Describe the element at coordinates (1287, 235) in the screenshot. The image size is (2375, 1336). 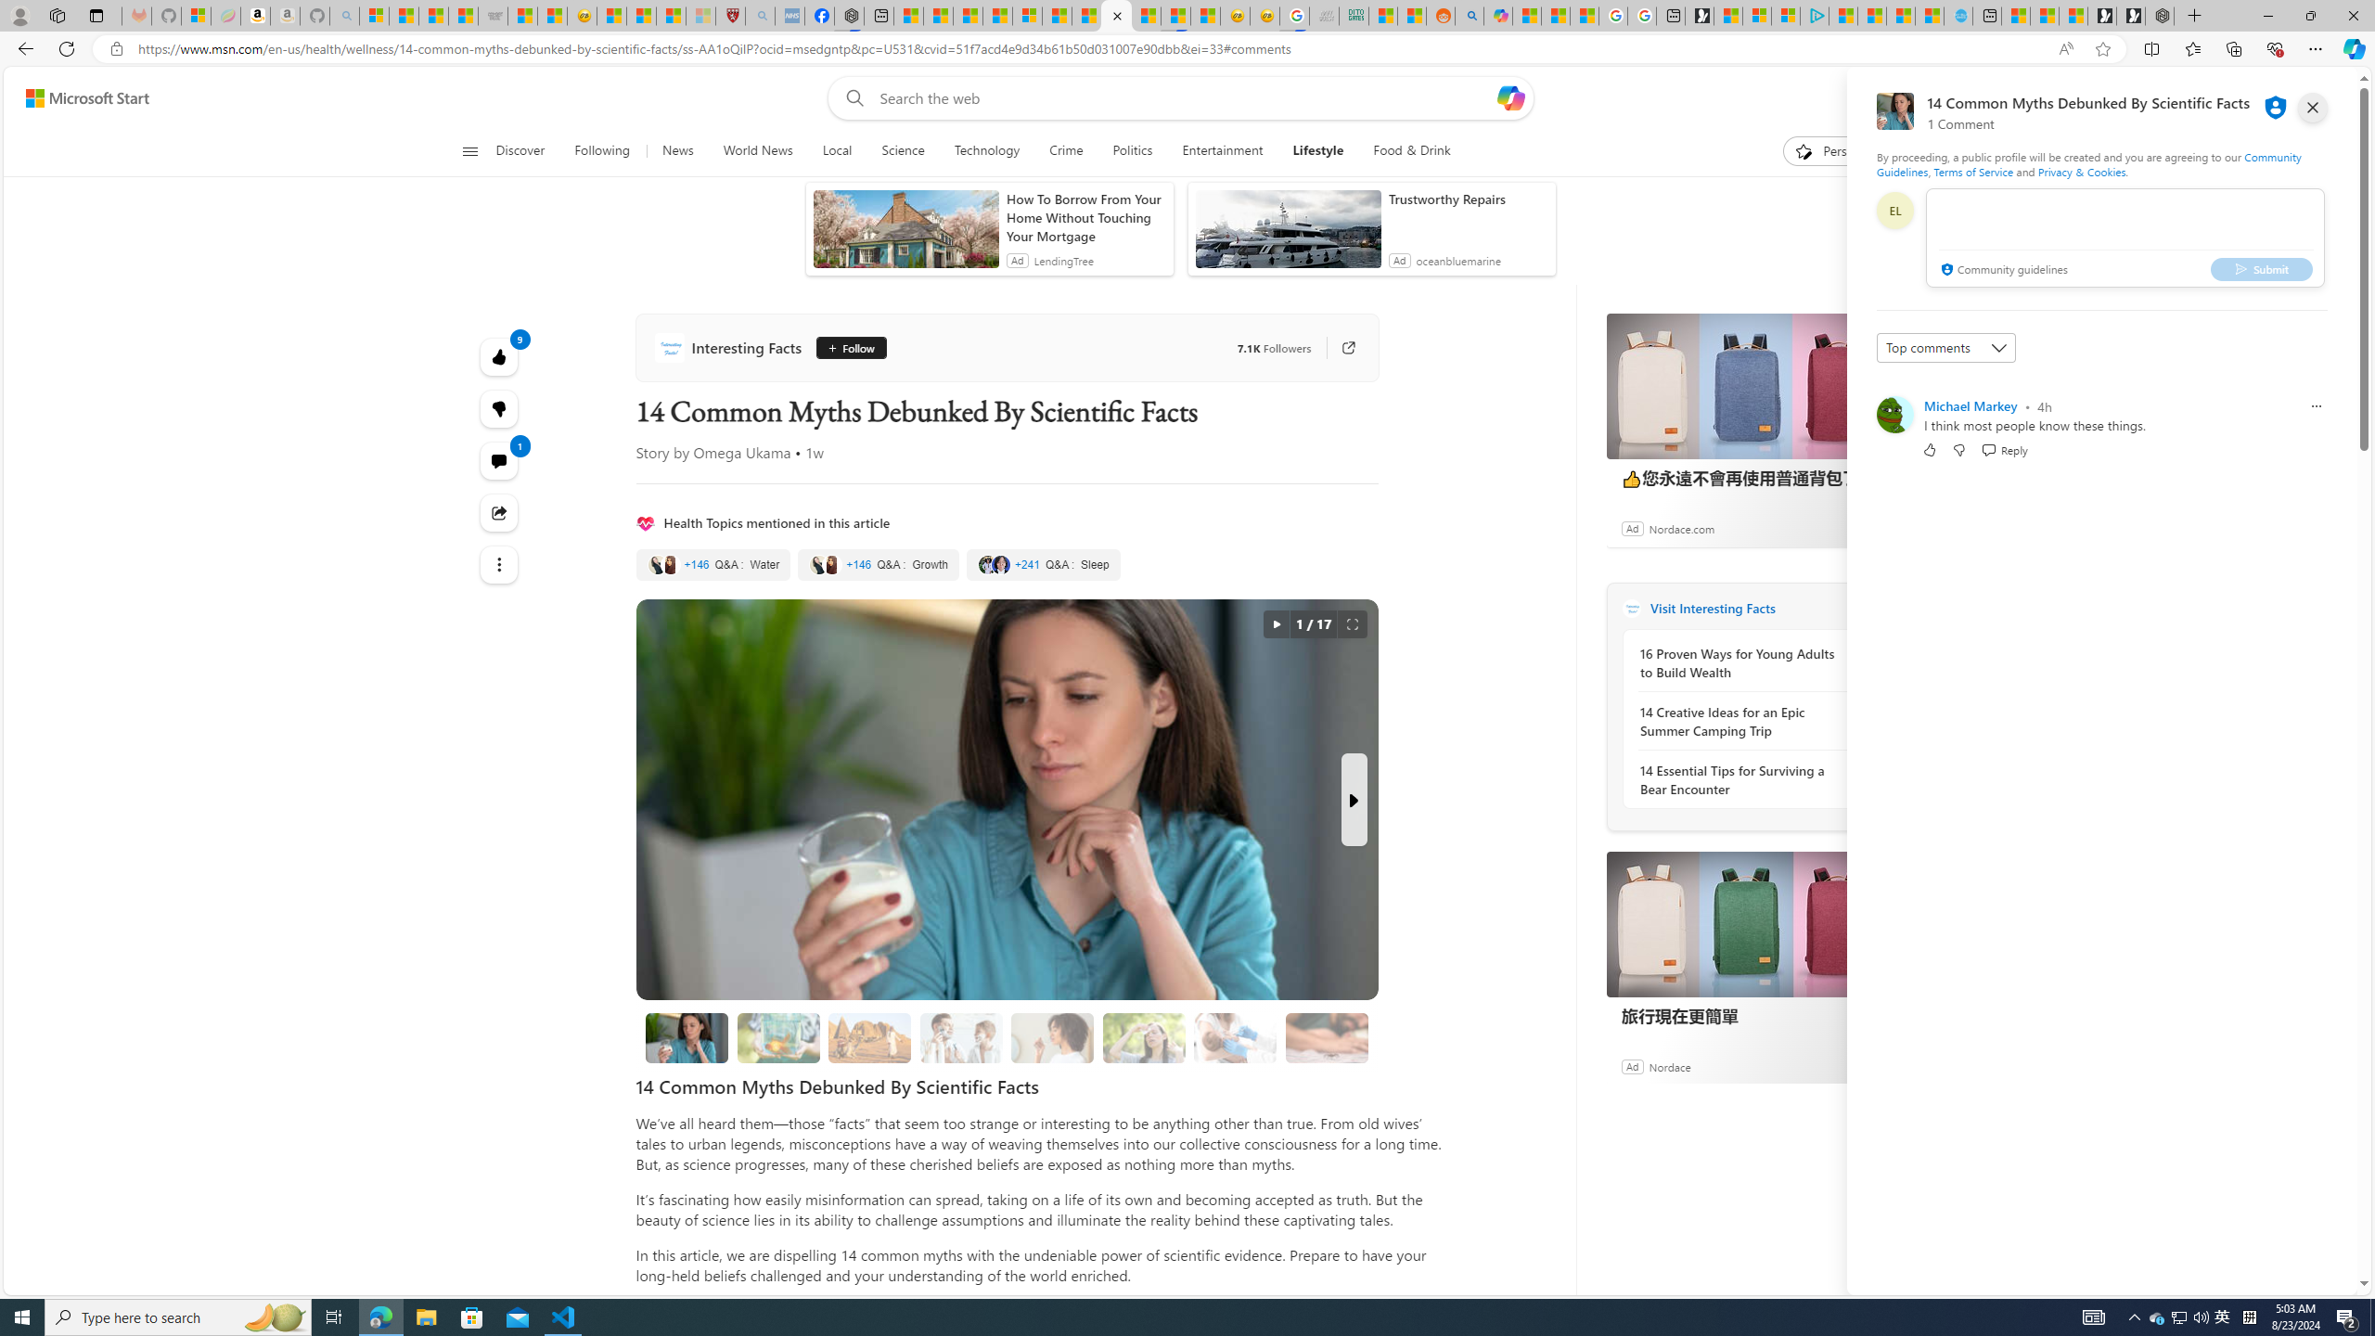
I see `'anim-content'` at that location.